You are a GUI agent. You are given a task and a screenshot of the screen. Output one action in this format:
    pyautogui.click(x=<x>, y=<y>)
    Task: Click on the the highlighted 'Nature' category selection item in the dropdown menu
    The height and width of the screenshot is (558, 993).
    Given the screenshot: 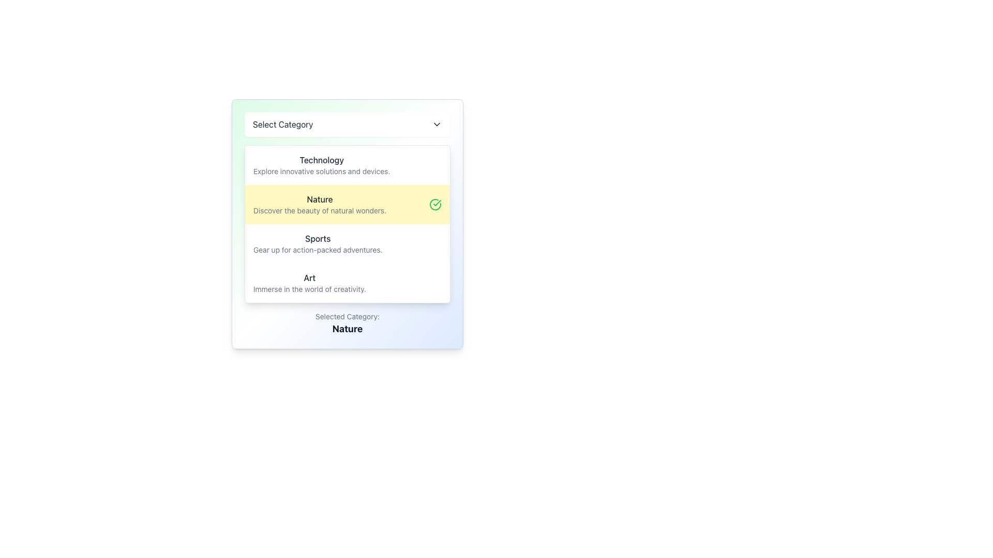 What is the action you would take?
    pyautogui.click(x=348, y=224)
    